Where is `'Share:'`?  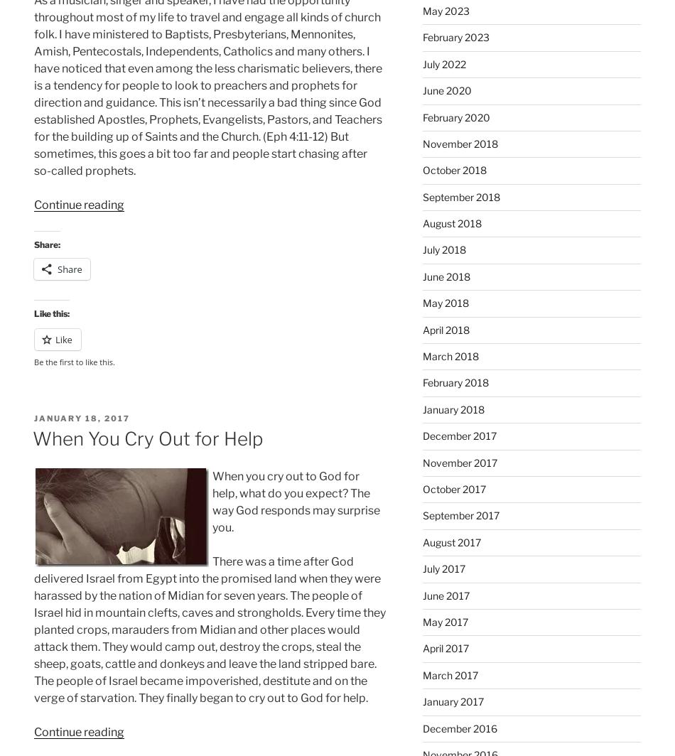
'Share:' is located at coordinates (47, 244).